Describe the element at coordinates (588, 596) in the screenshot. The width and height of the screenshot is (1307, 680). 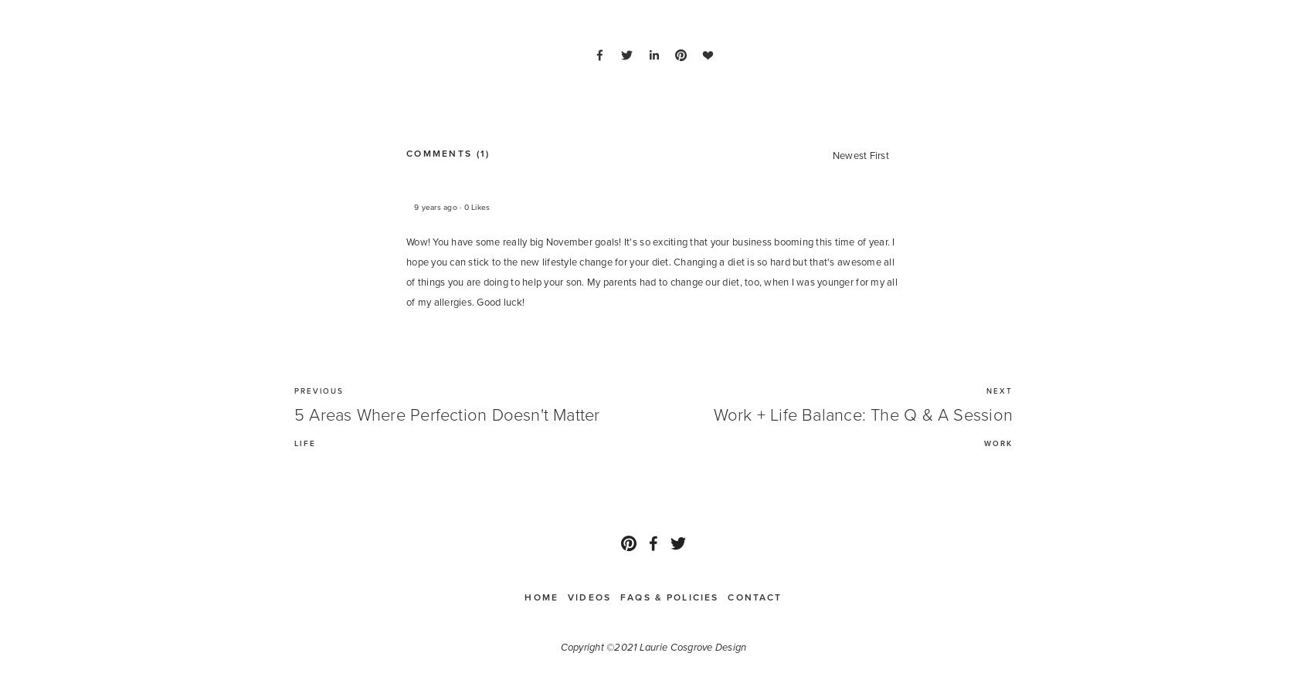
I see `'Videos'` at that location.